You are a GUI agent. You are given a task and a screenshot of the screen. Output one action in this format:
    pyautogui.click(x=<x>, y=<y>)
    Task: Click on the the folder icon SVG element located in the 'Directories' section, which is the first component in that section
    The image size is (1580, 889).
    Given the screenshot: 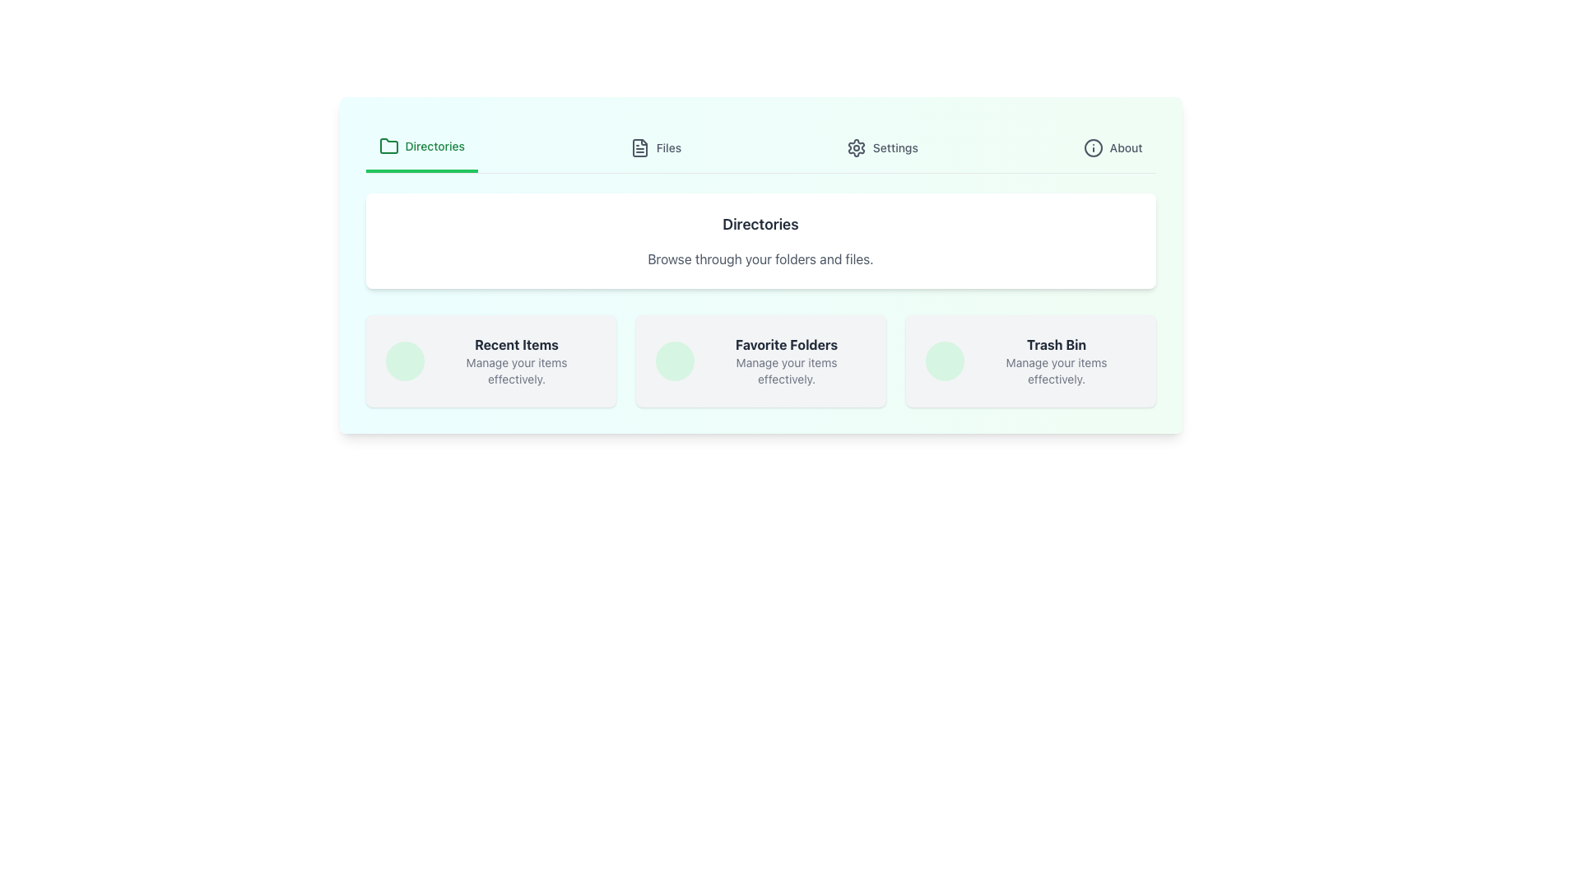 What is the action you would take?
    pyautogui.click(x=388, y=145)
    